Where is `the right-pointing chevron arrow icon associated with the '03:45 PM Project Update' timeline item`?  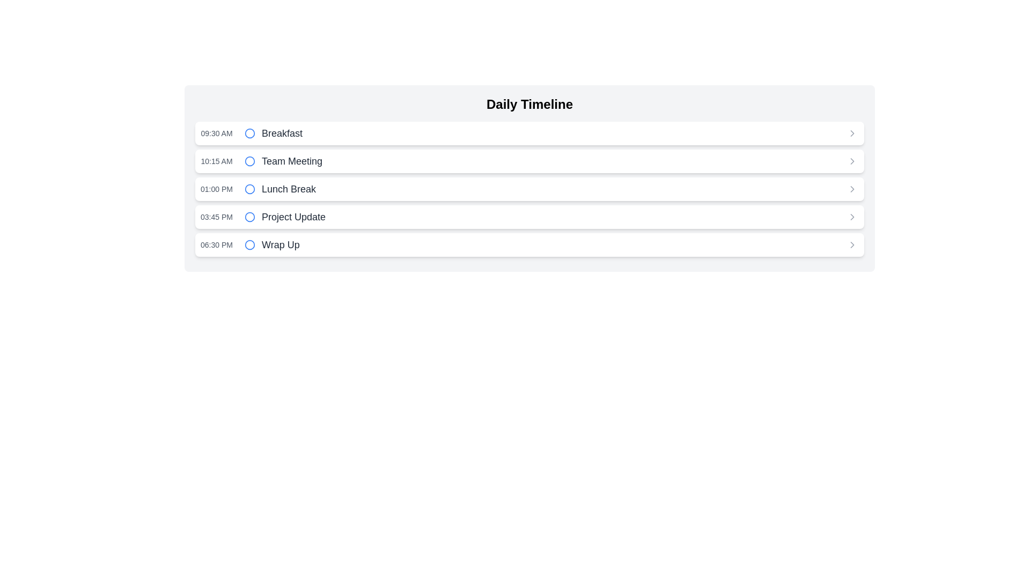 the right-pointing chevron arrow icon associated with the '03:45 PM Project Update' timeline item is located at coordinates (851, 217).